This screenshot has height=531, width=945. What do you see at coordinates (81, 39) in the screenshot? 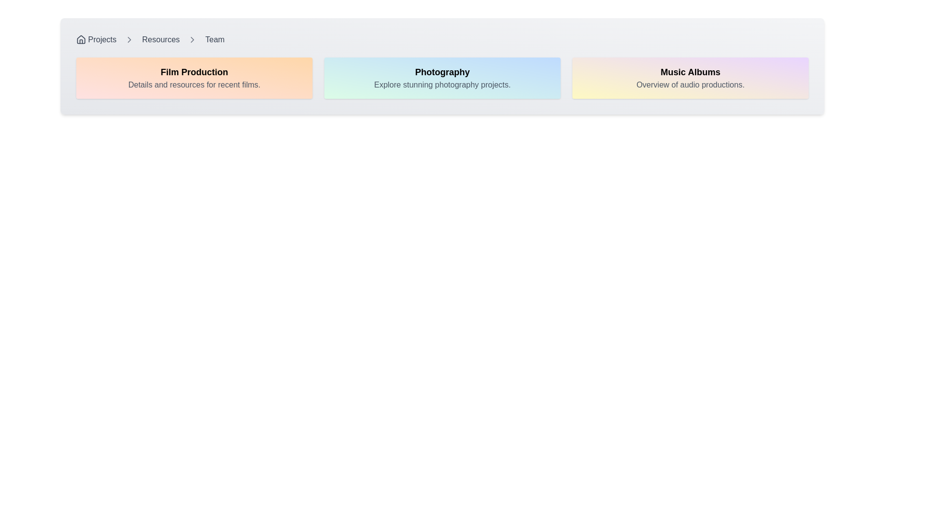
I see `the small SVG house icon located in the breadcrumb navigation area` at bounding box center [81, 39].